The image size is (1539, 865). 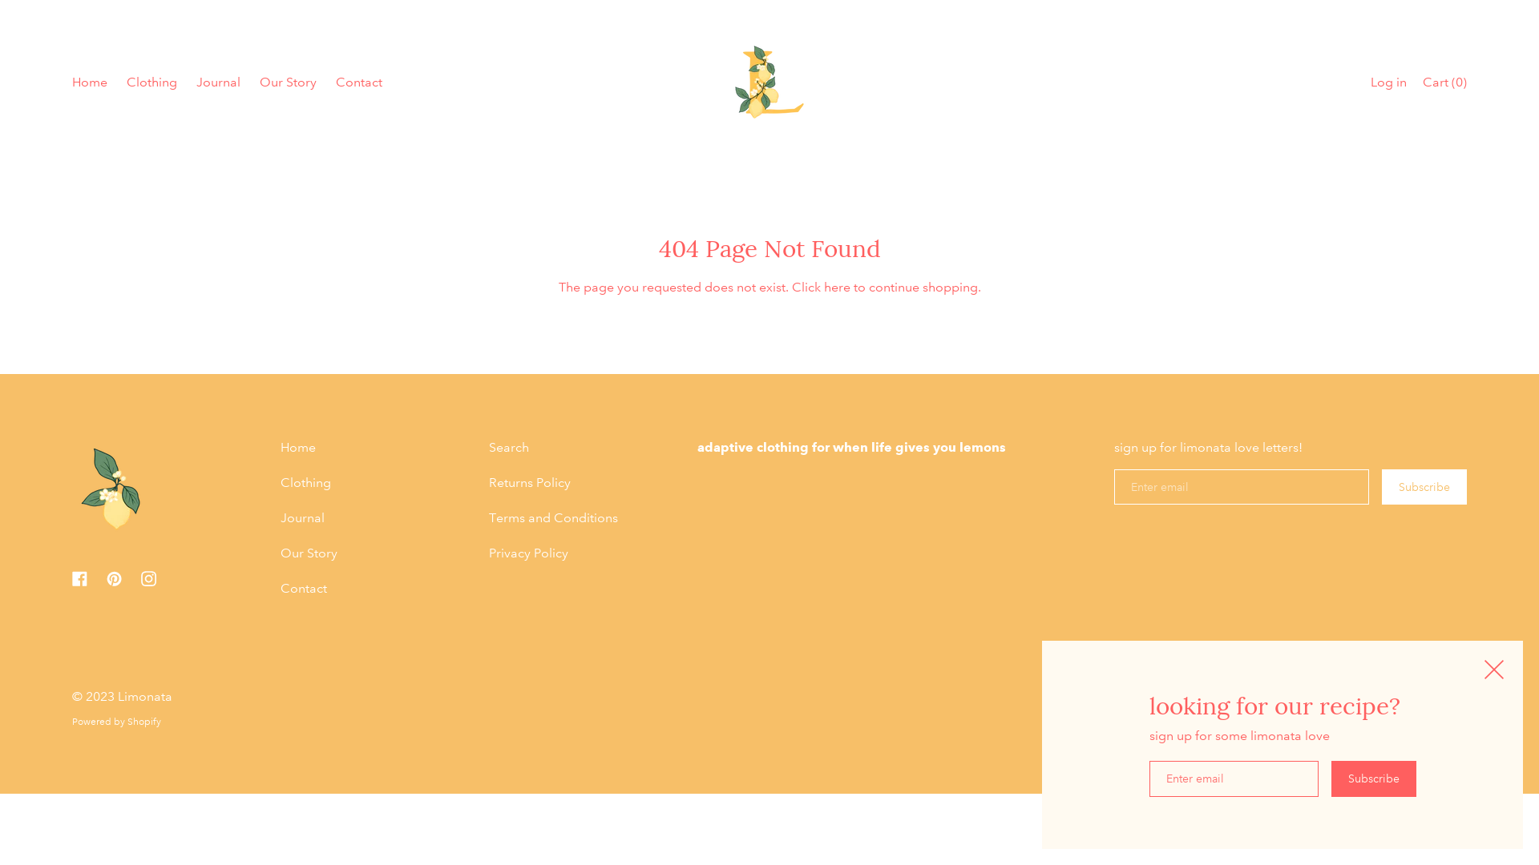 What do you see at coordinates (217, 83) in the screenshot?
I see `'Journal'` at bounding box center [217, 83].